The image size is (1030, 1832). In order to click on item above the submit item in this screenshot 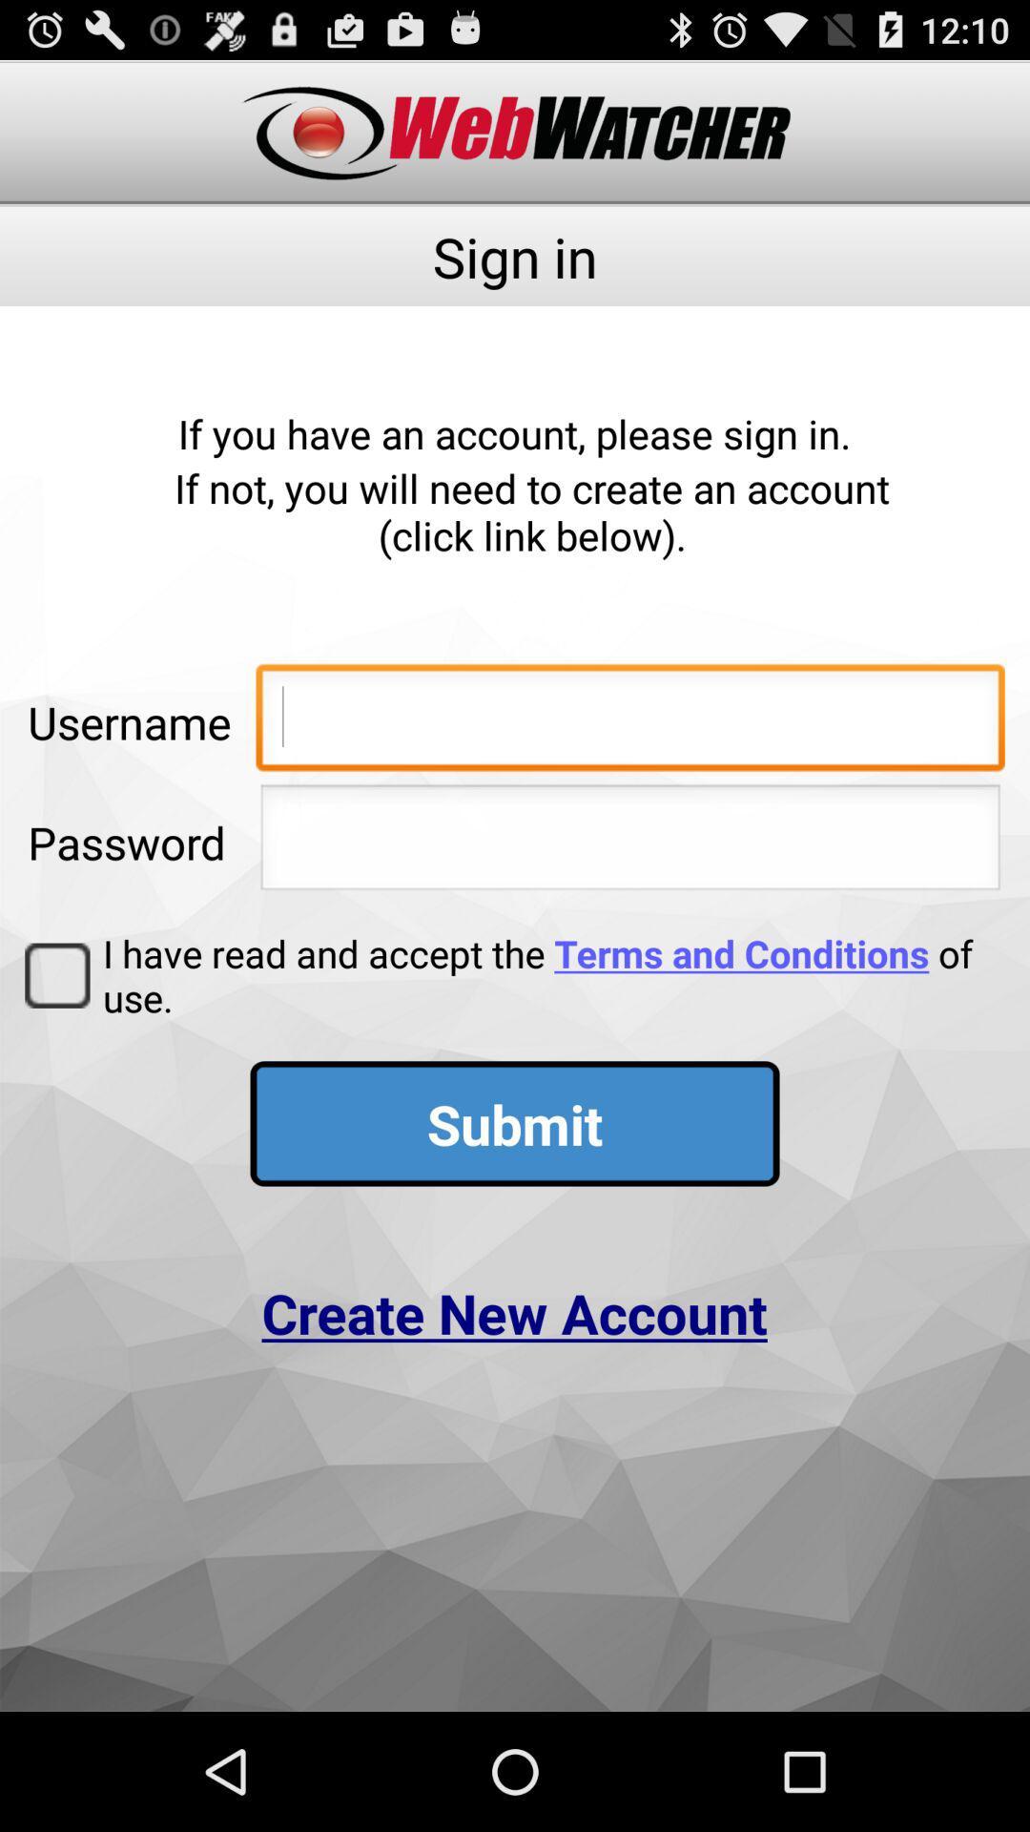, I will do `click(547, 975)`.